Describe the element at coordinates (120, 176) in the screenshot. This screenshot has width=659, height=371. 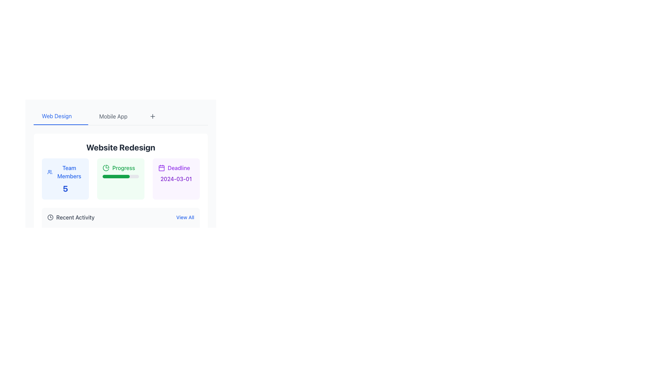
I see `the interactive progress bar, which has a gray background and a green bar indicating 75% progress, located within the 'Progress' card centered in the second row of the interface` at that location.